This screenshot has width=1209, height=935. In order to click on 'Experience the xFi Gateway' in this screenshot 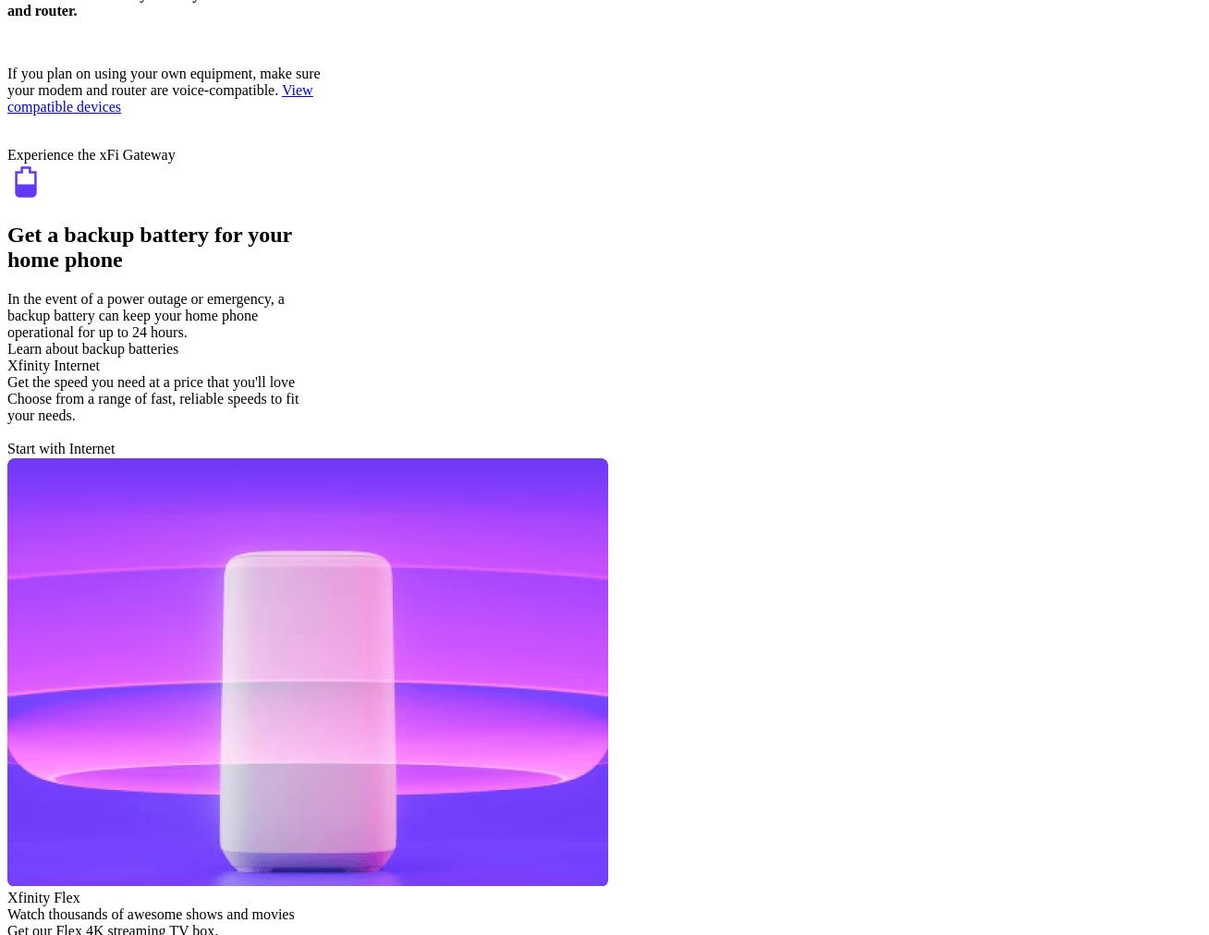, I will do `click(6, 154)`.